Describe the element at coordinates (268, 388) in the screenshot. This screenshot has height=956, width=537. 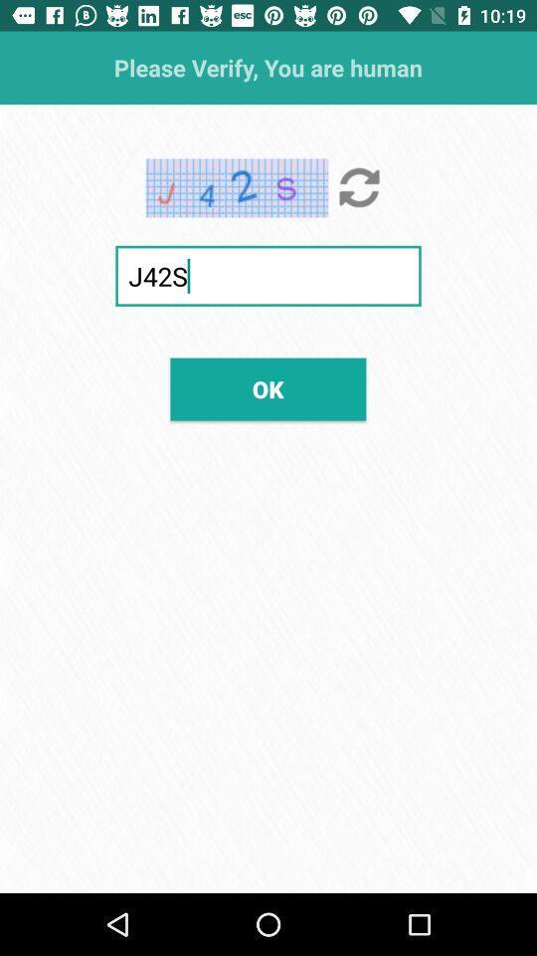
I see `the item at the center` at that location.